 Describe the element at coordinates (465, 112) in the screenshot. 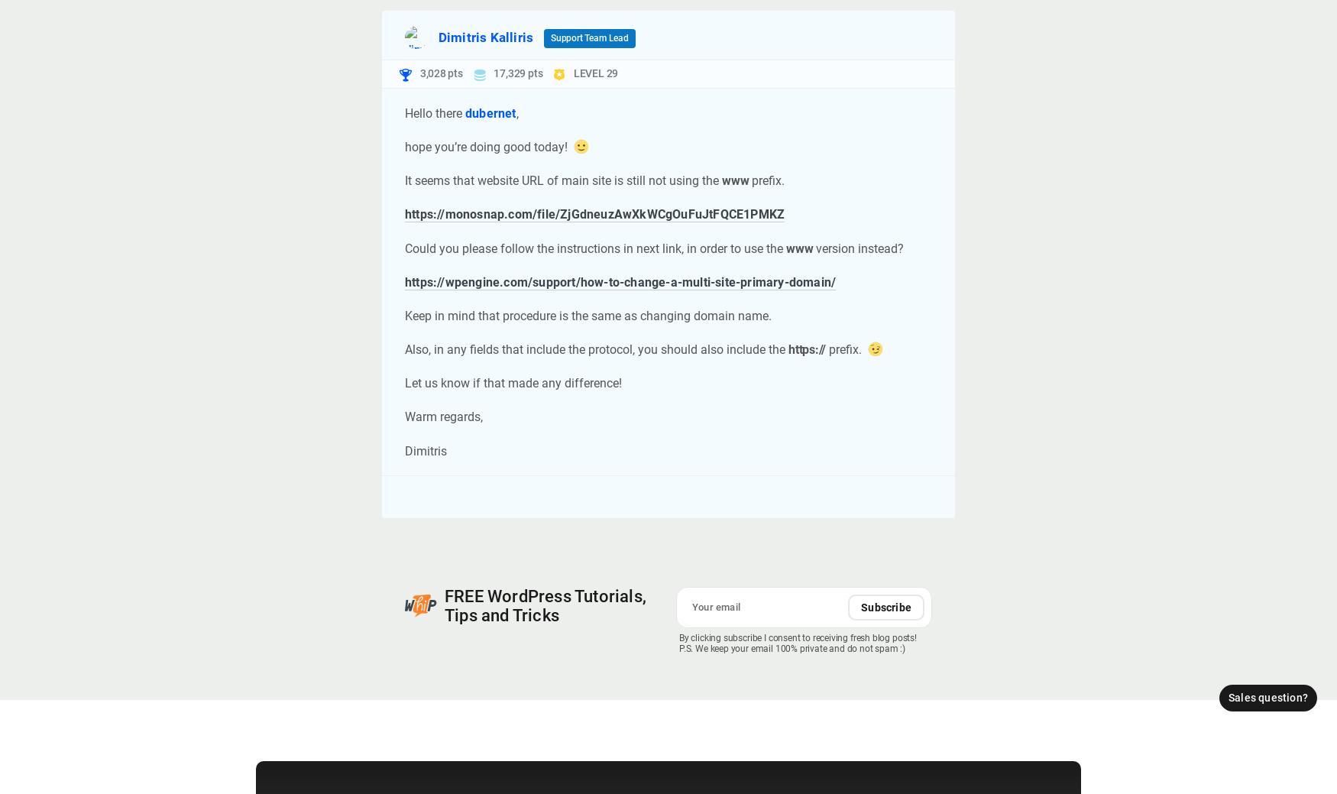

I see `'dubernet'` at that location.